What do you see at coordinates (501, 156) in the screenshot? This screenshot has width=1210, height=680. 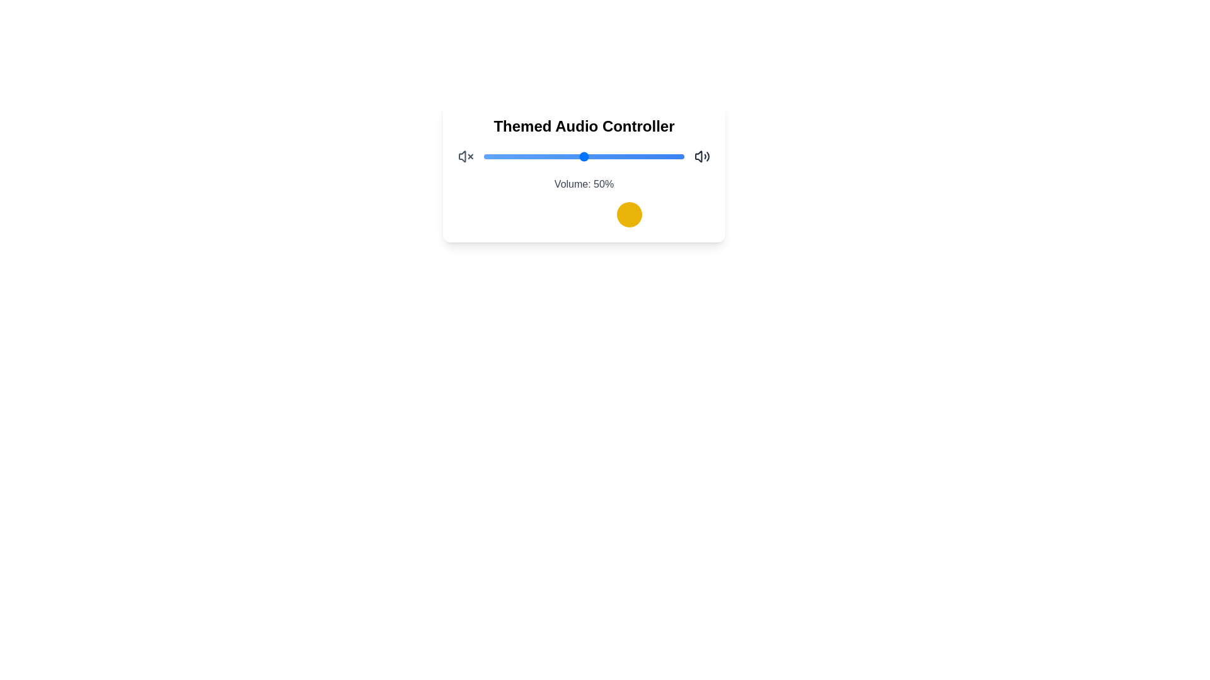 I see `the volume slider to set the volume to 9%` at bounding box center [501, 156].